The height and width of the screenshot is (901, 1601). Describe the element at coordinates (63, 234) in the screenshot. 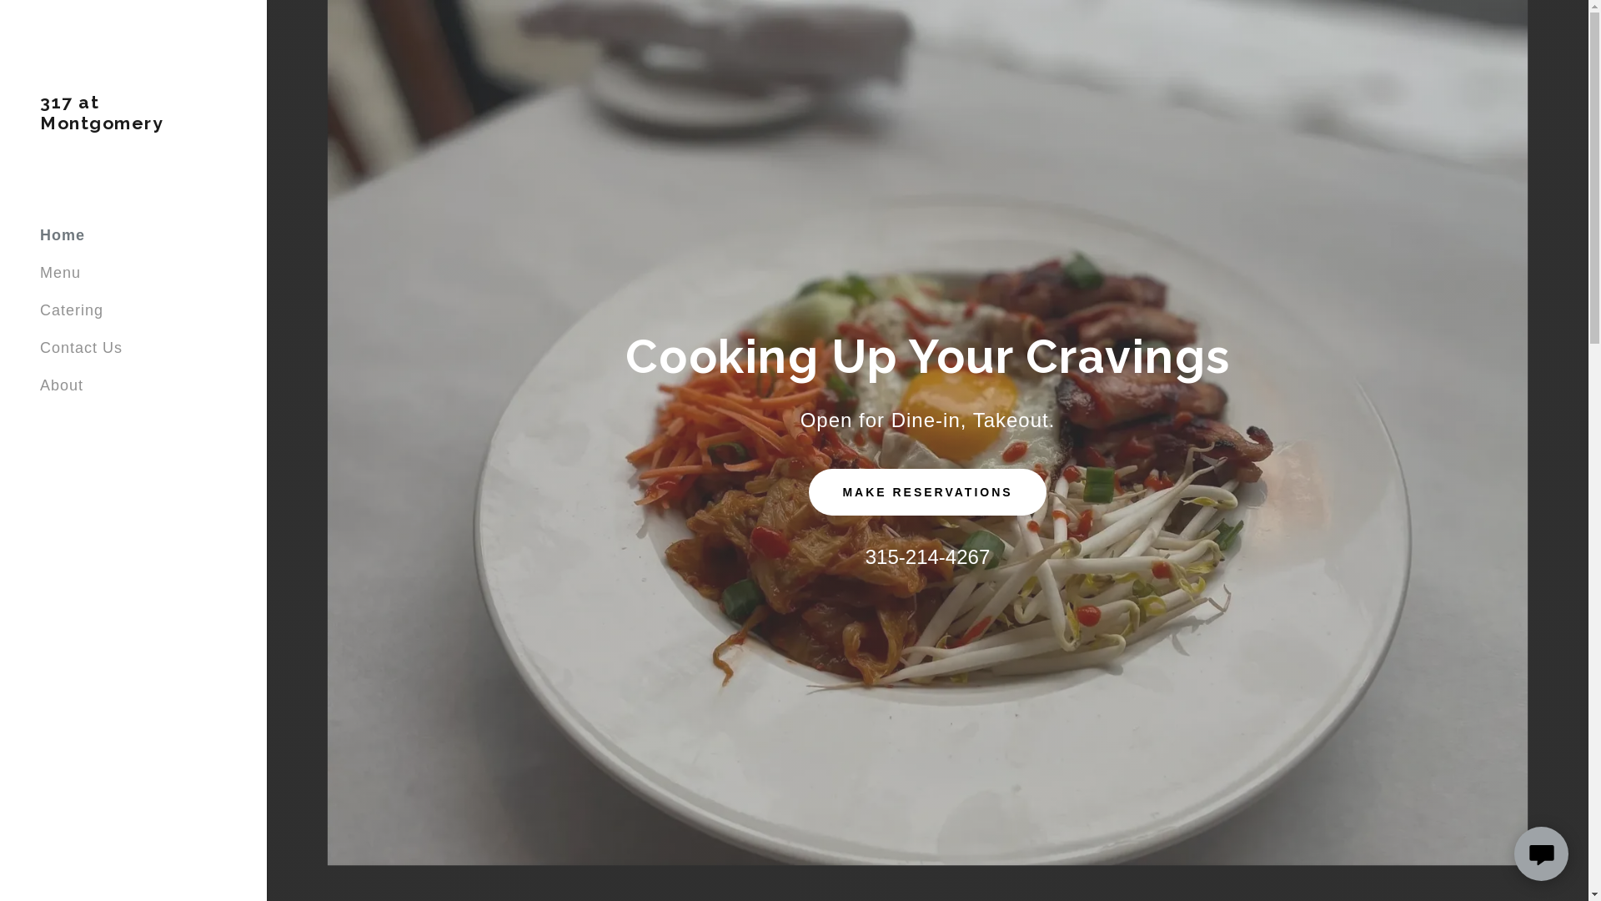

I see `'Home'` at that location.